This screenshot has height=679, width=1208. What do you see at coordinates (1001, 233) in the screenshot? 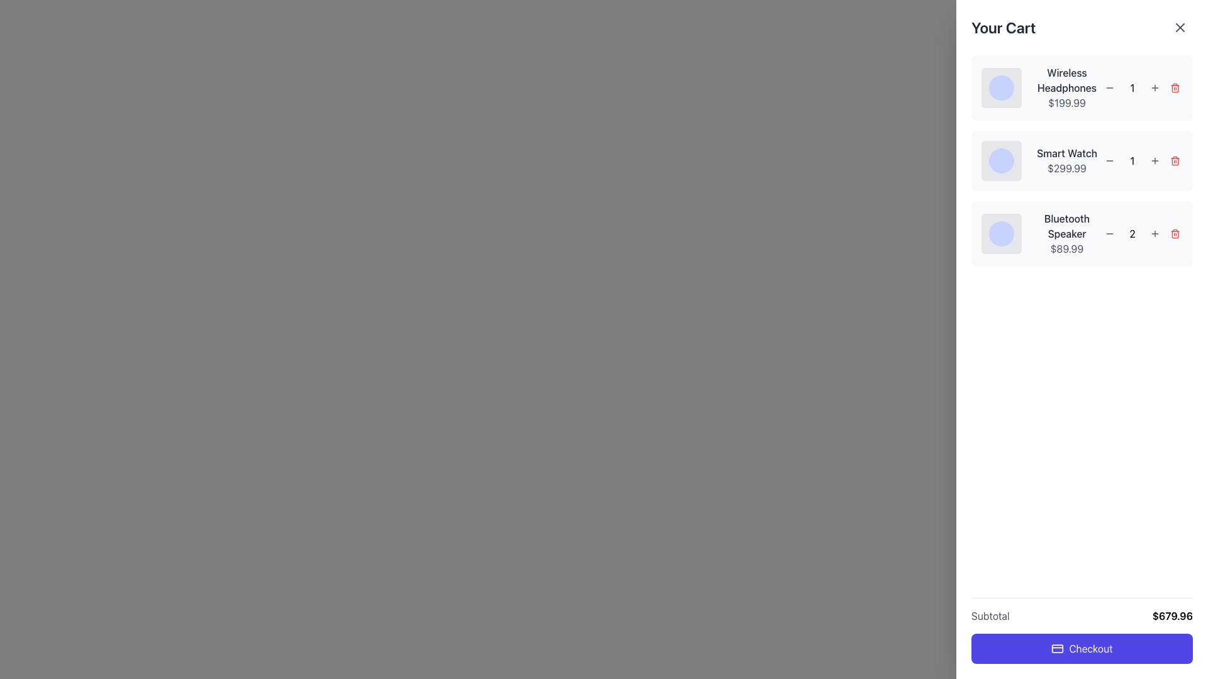
I see `the circular UI component with a light indigo background located in the bottommost product item of the shopping cart interface` at bounding box center [1001, 233].